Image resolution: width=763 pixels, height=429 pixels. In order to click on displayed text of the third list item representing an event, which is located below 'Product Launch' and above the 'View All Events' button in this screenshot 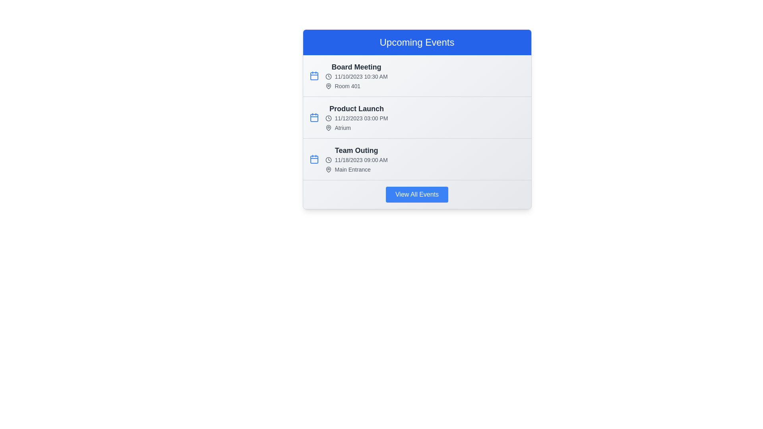, I will do `click(356, 159)`.